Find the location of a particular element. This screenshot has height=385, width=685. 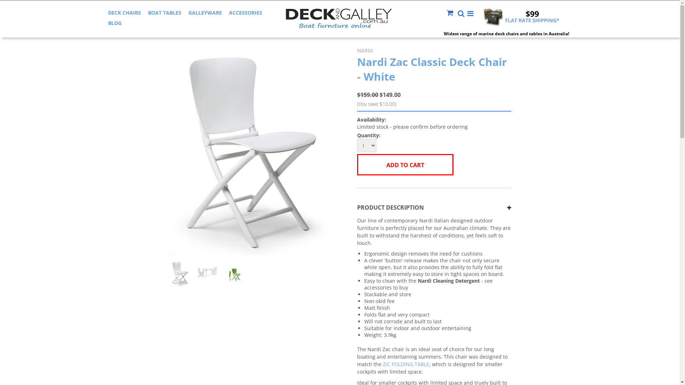

'Home' is located at coordinates (177, 34).